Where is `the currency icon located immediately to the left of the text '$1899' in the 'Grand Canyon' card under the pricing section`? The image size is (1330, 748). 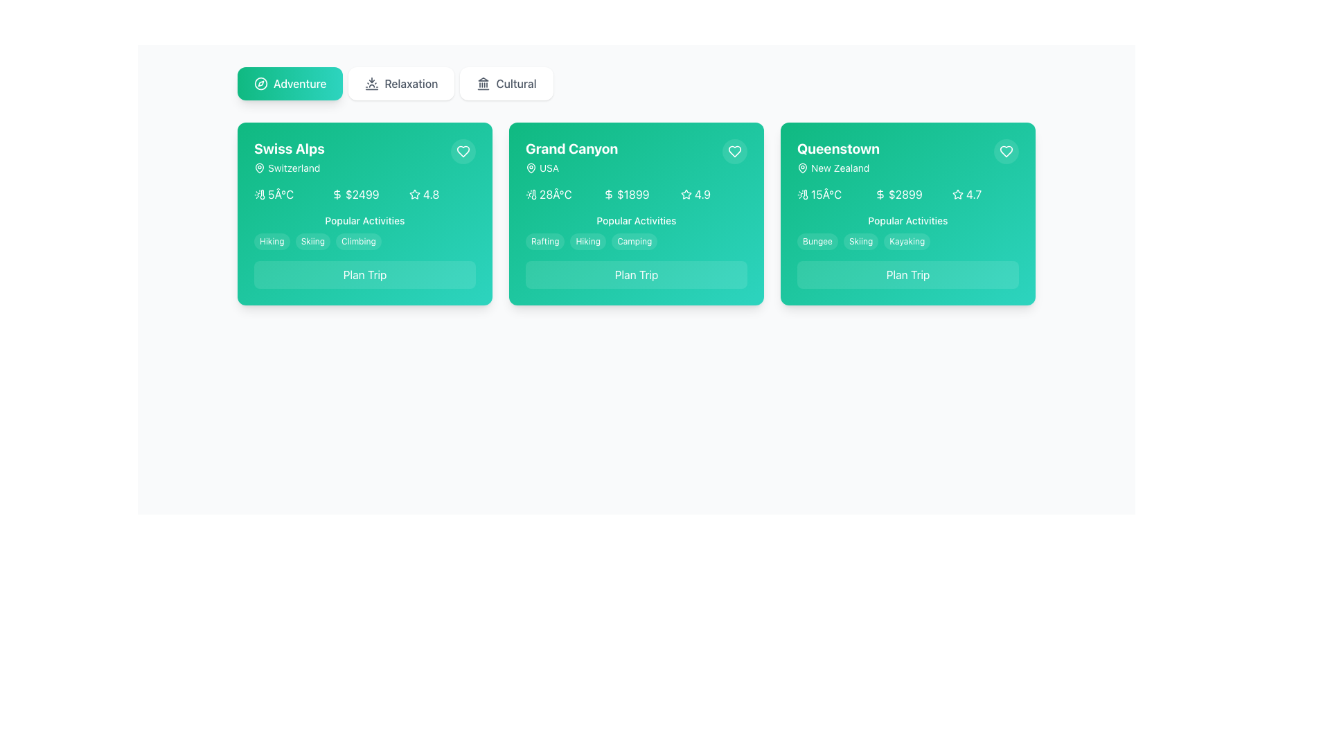 the currency icon located immediately to the left of the text '$1899' in the 'Grand Canyon' card under the pricing section is located at coordinates (608, 195).